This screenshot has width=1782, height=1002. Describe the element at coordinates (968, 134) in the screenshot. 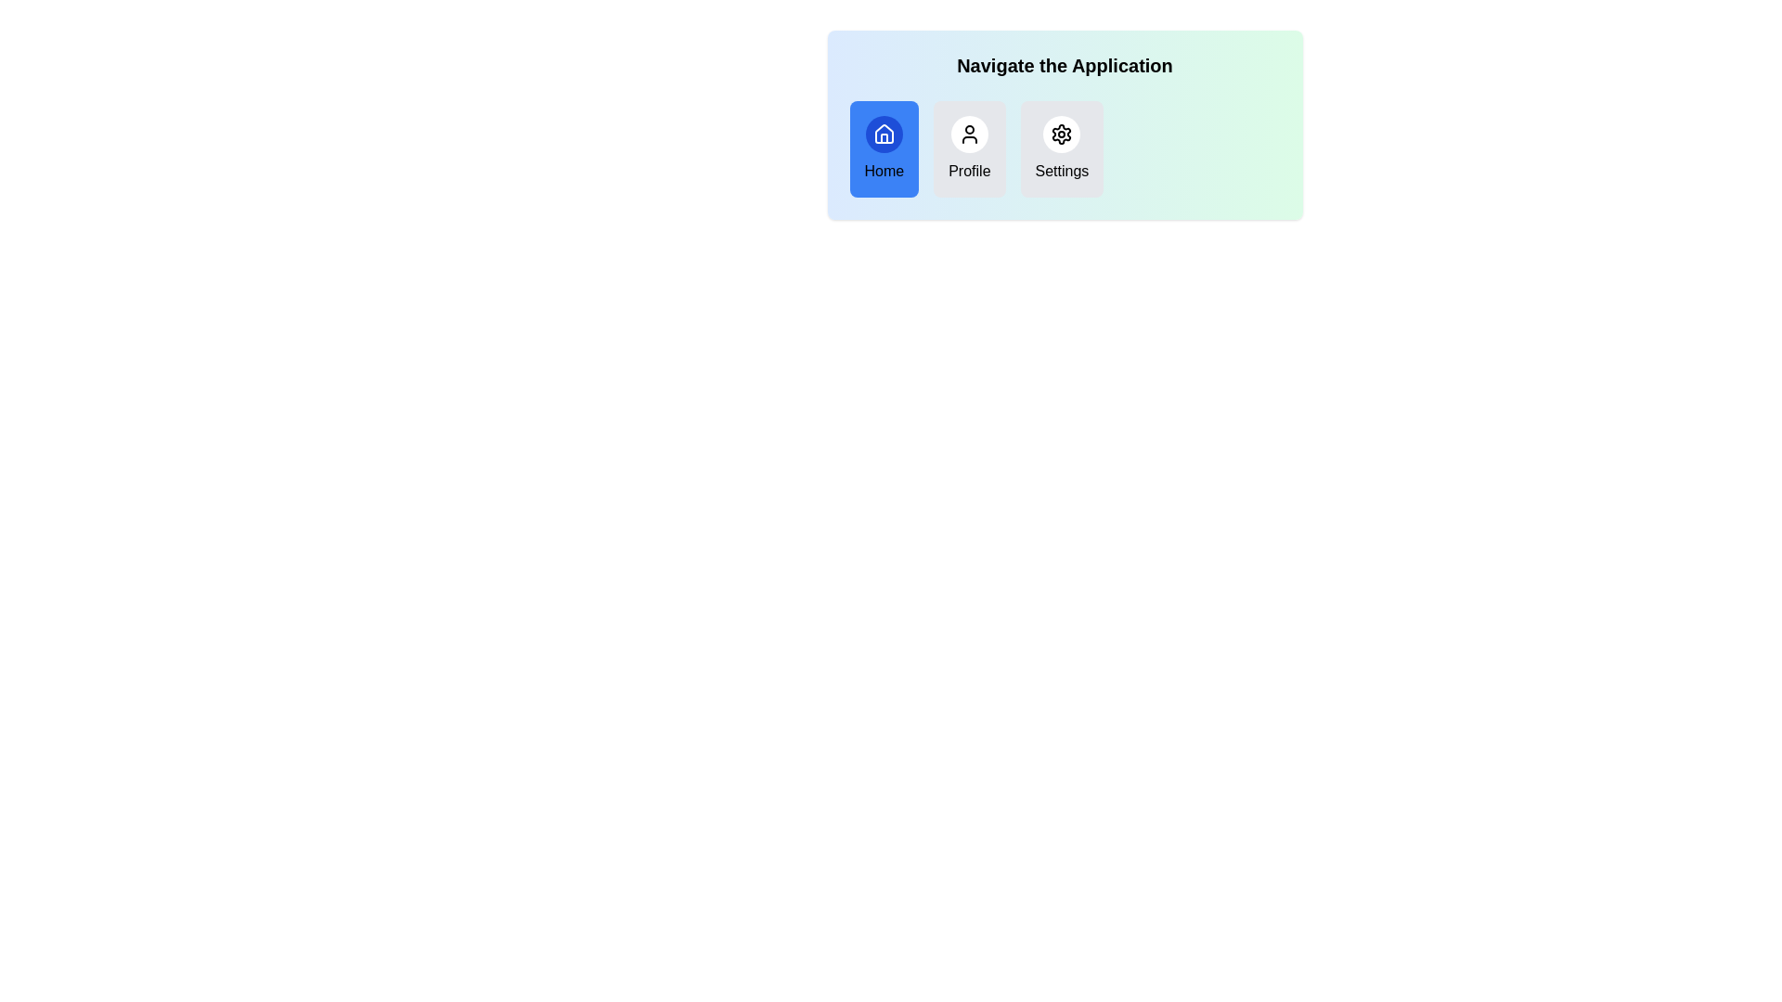

I see `the icon for Profile` at that location.